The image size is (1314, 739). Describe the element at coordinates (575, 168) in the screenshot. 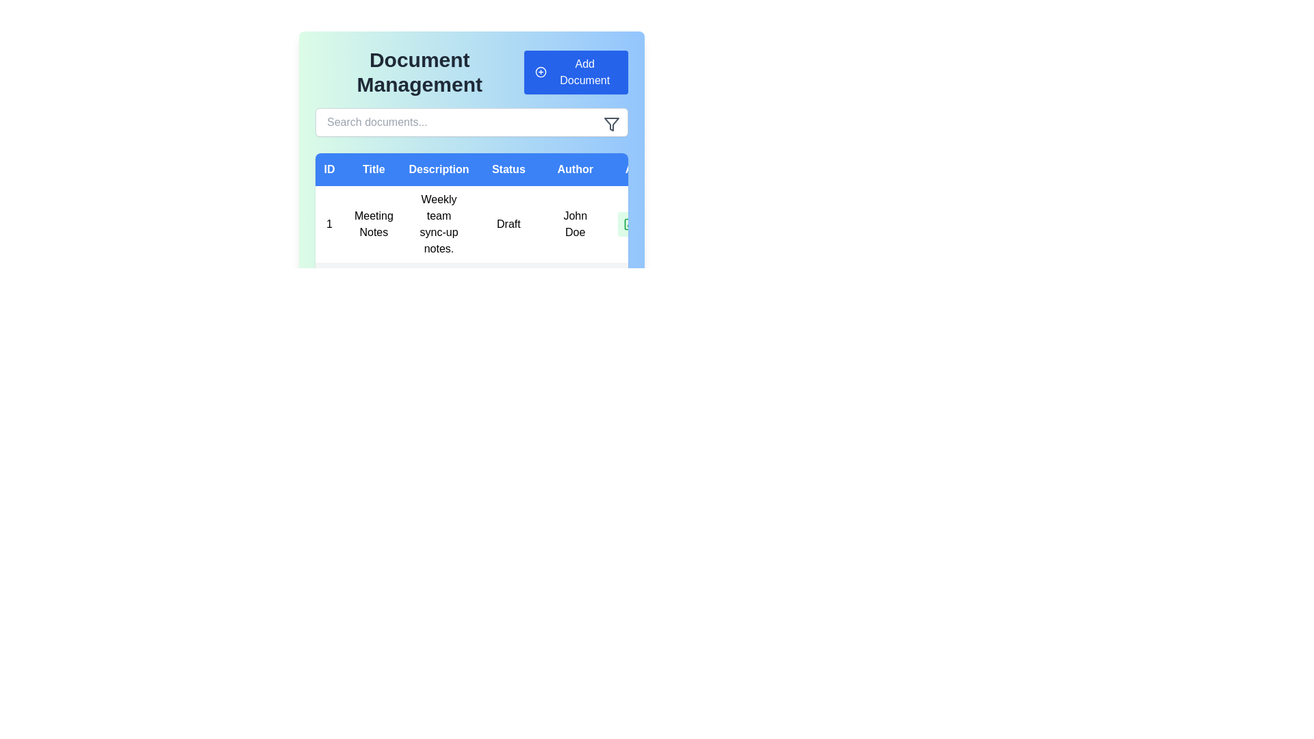

I see `the 'Author' header text label, which is the fifth column in the table header row, displaying in white font on a blue background` at that location.